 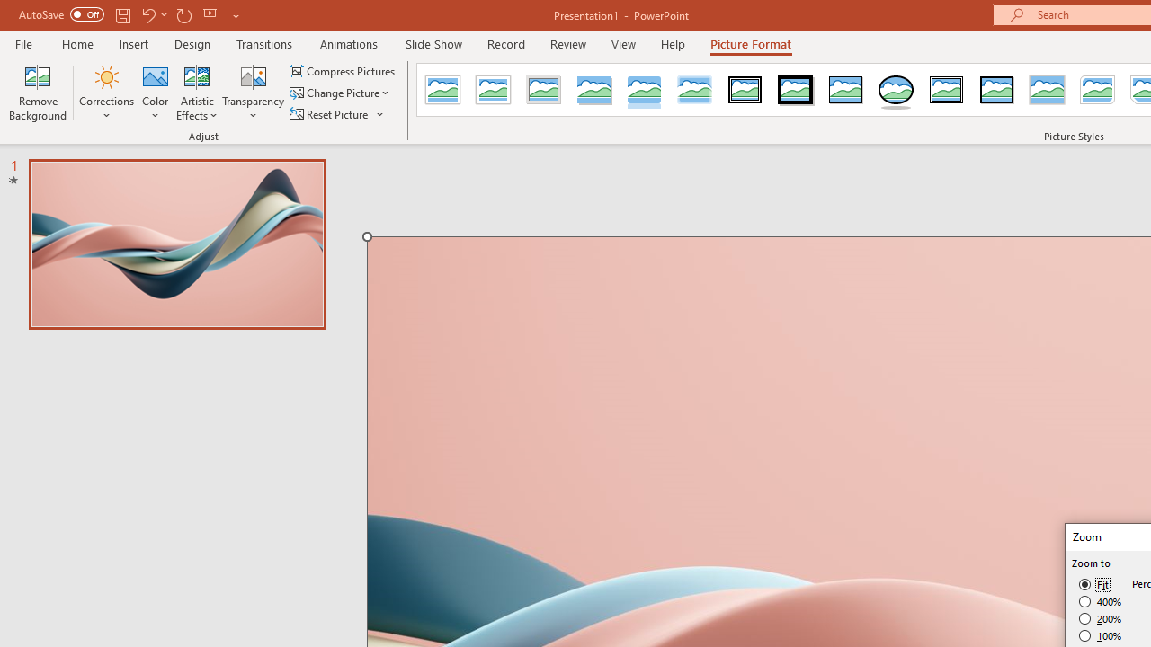 What do you see at coordinates (156, 93) in the screenshot?
I see `'Color'` at bounding box center [156, 93].